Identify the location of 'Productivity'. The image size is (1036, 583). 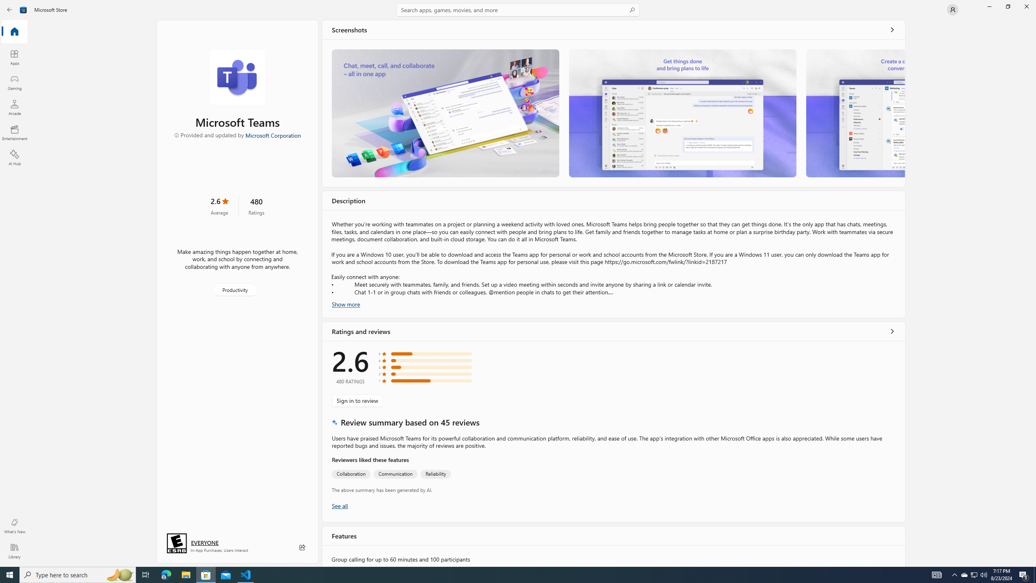
(234, 289).